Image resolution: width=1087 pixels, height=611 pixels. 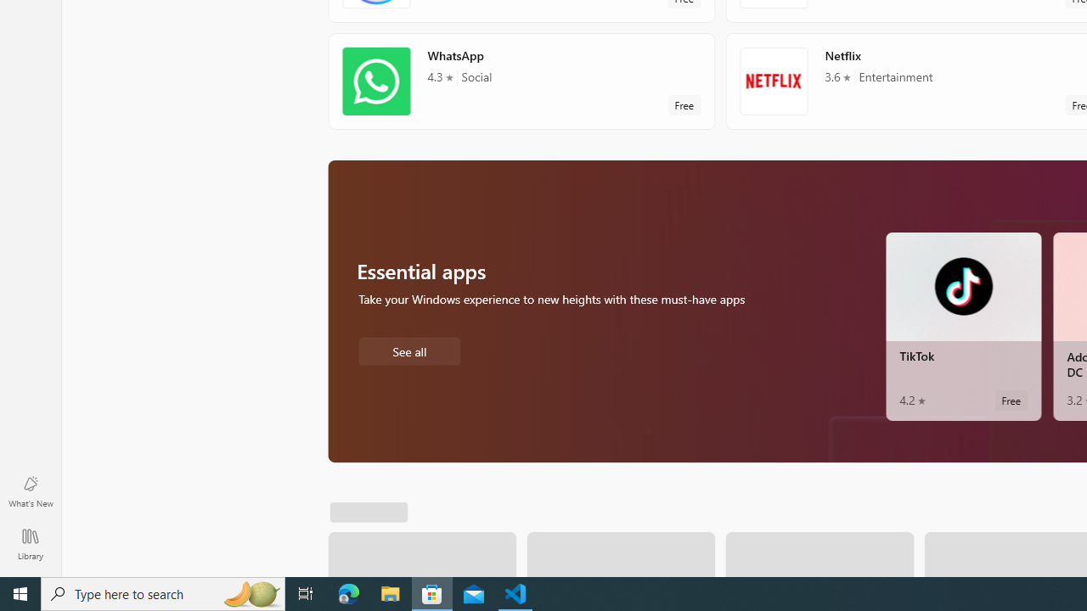 I want to click on 'Library', so click(x=30, y=543).